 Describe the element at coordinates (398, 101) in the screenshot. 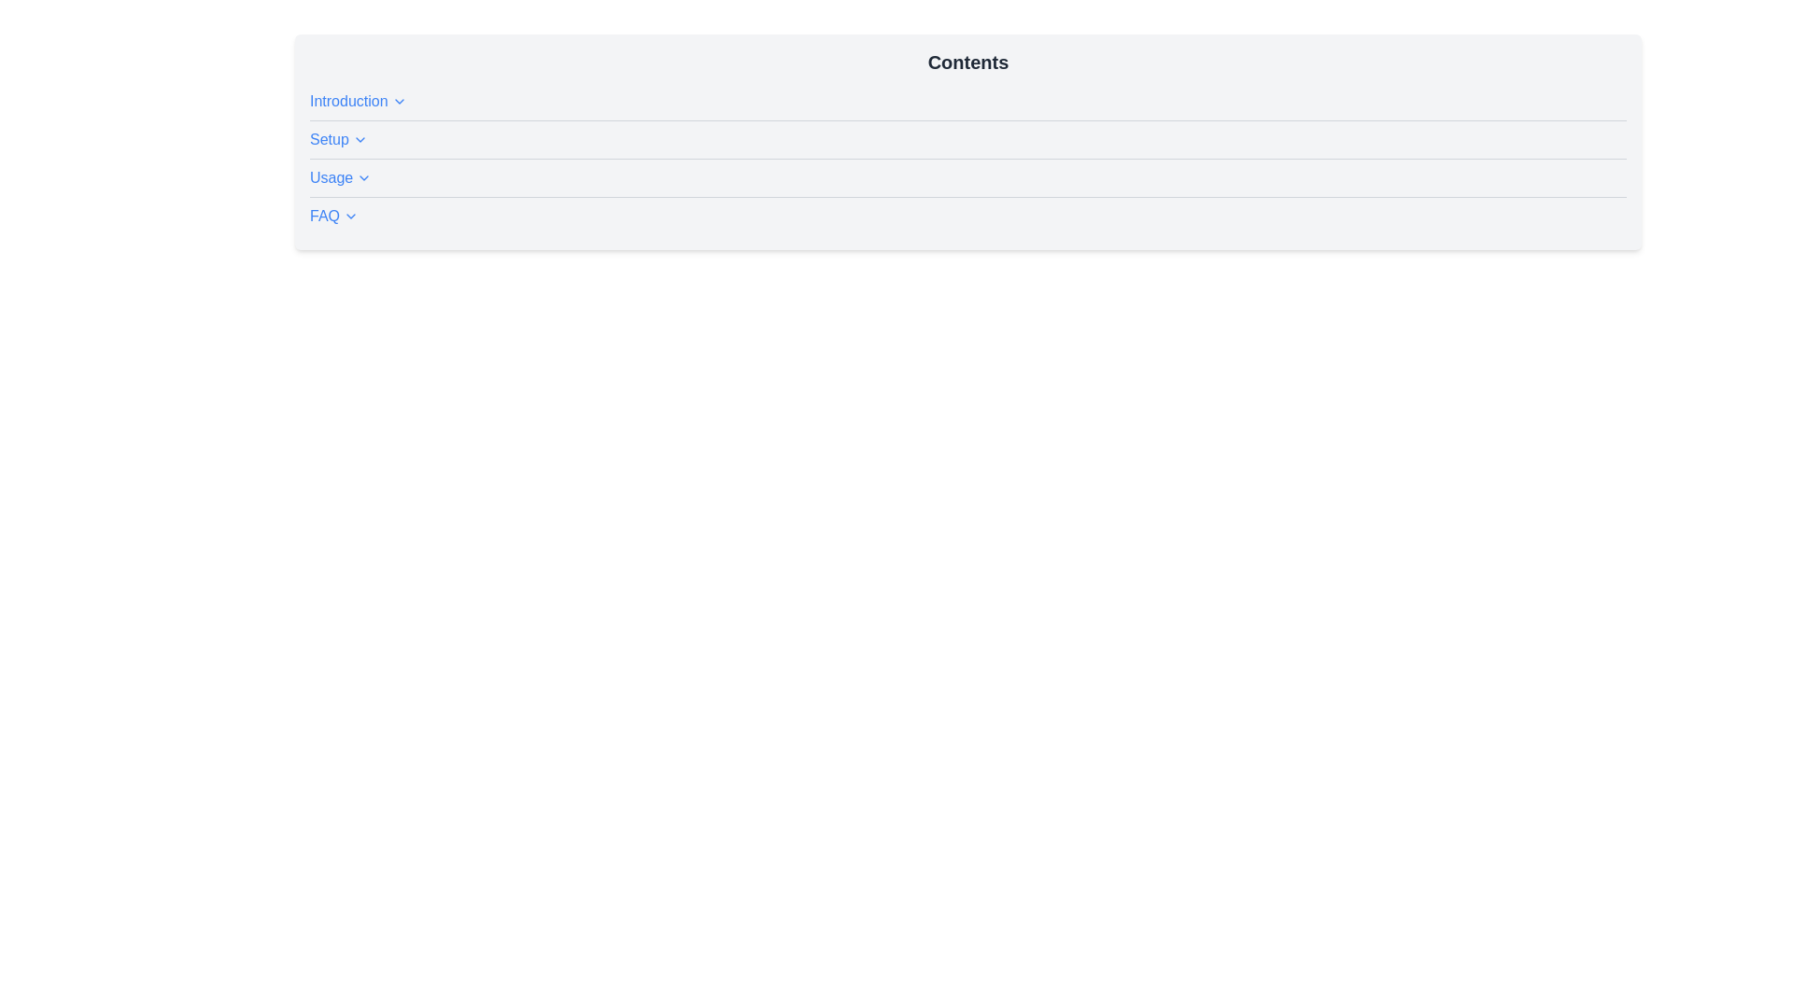

I see `the downward-pointing chevron icon located to the right of the 'Introduction' link` at that location.